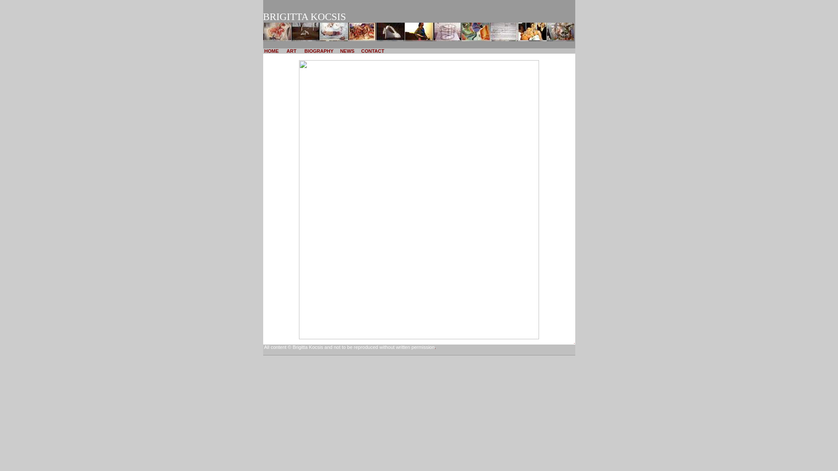 The height and width of the screenshot is (471, 838). I want to click on 'ART  ', so click(292, 51).